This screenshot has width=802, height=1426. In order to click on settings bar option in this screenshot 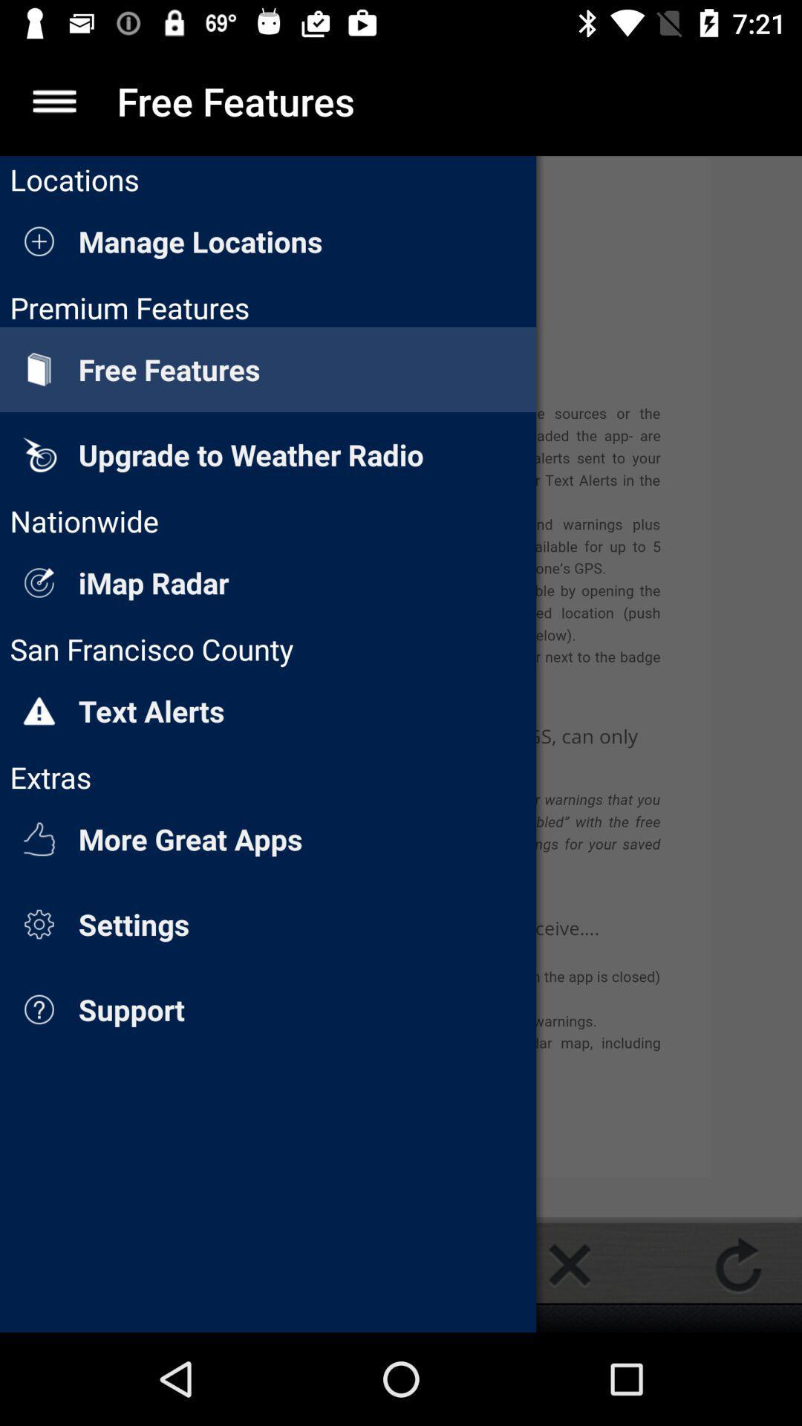, I will do `click(53, 100)`.